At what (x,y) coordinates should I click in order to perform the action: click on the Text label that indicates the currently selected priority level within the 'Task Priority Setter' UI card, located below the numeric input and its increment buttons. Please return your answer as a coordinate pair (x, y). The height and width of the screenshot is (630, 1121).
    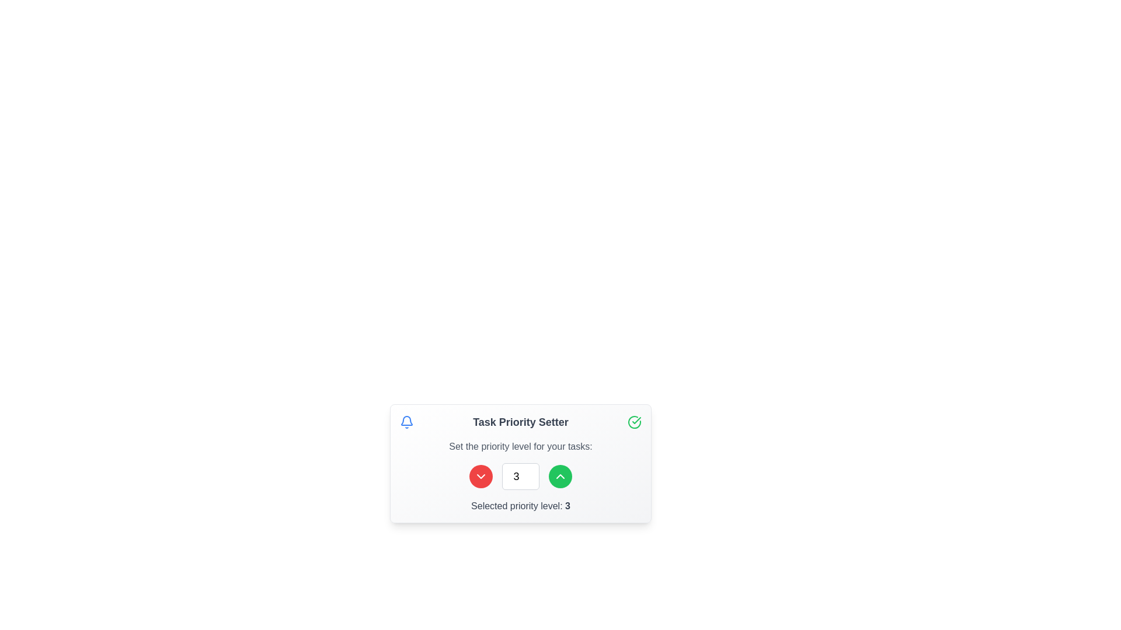
    Looking at the image, I should click on (520, 505).